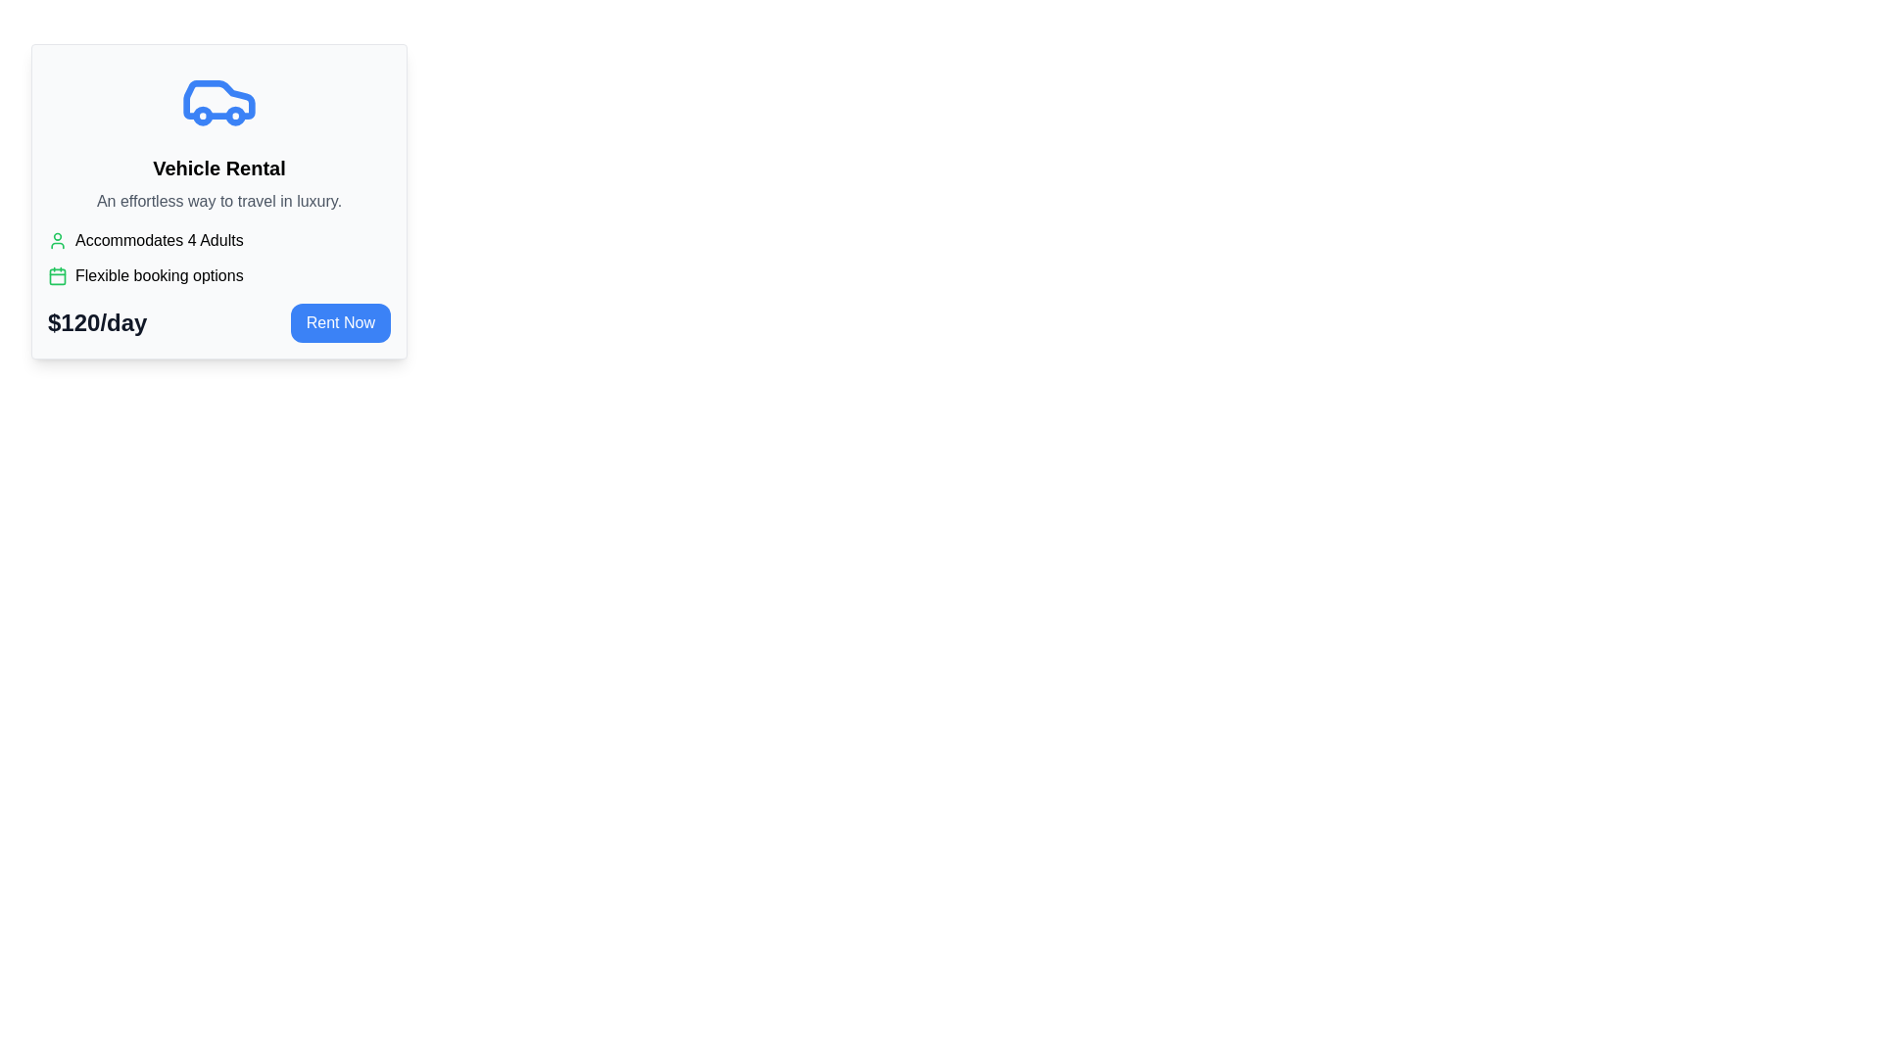  Describe the element at coordinates (203, 116) in the screenshot. I see `the left wheel of the car icon represented by the Circle (SVG element)` at that location.